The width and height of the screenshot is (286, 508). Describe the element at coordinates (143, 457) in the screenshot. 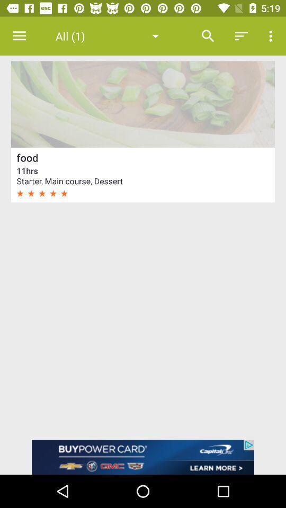

I see `advertisement` at that location.